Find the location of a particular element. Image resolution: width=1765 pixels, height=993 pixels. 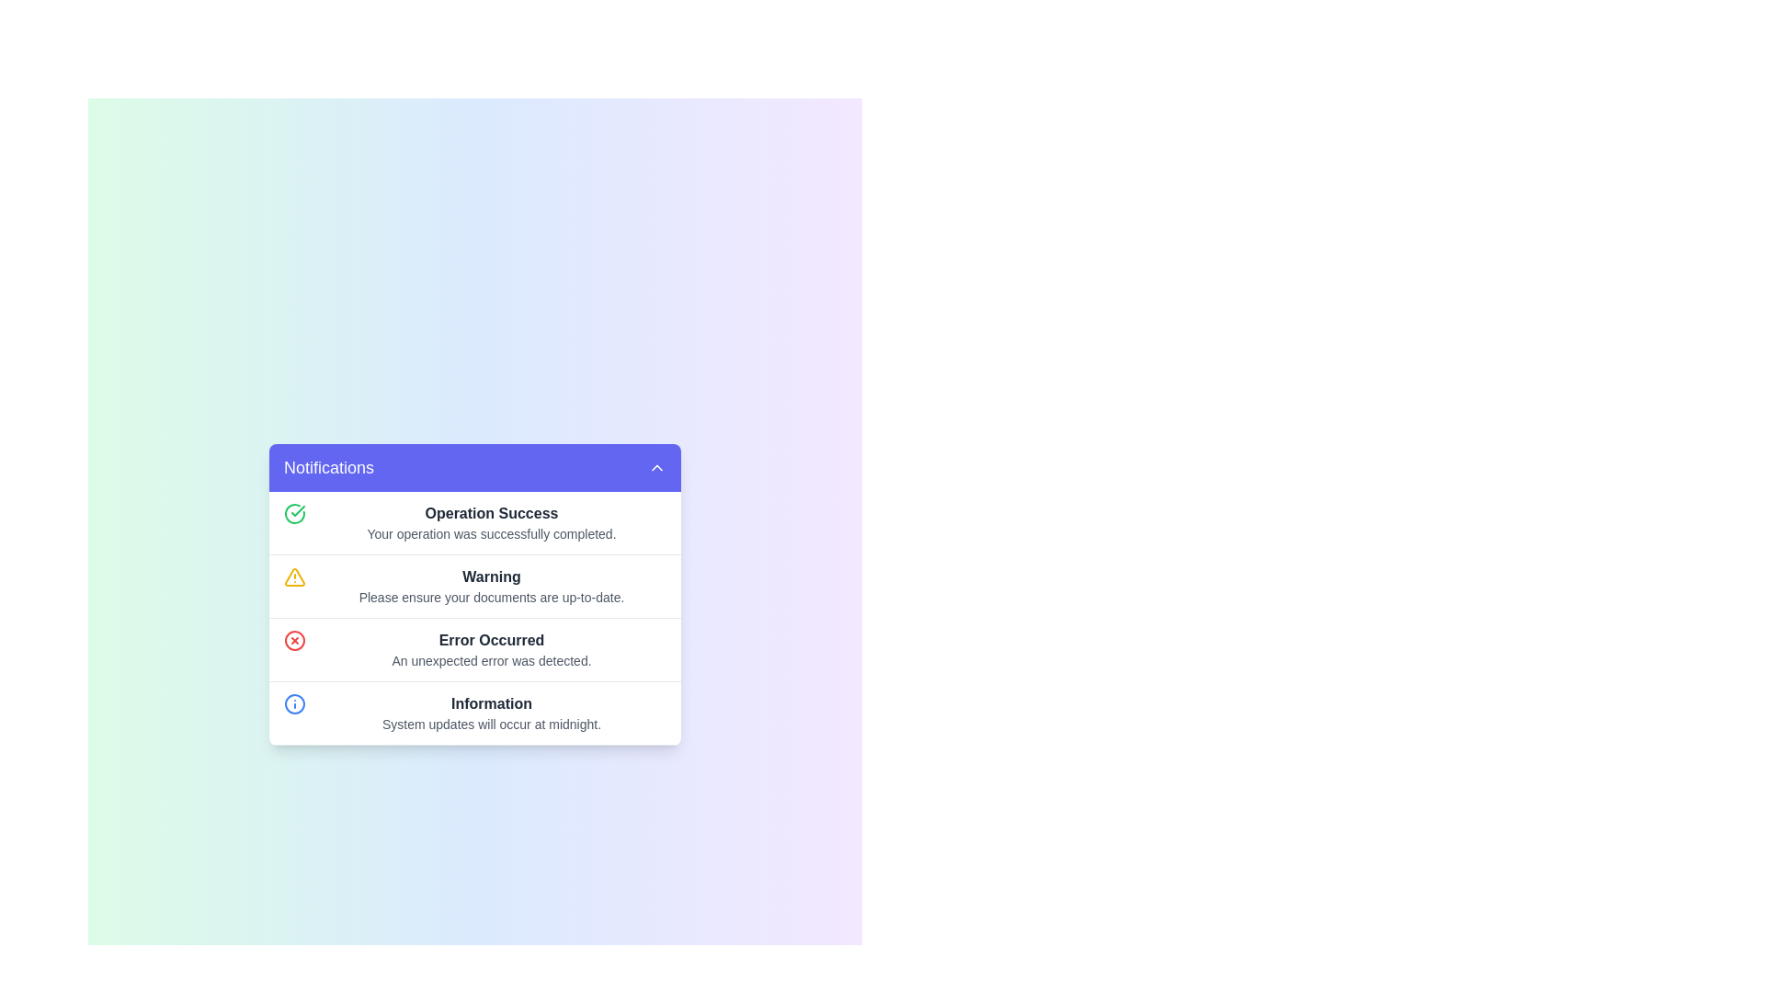

the 'Warning' text label in the notification panel, which provides a heading for a warning notification is located at coordinates (491, 576).